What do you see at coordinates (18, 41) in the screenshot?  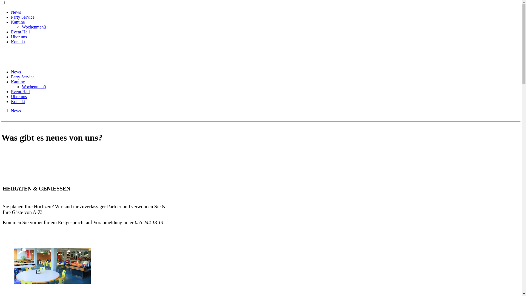 I see `'Kontakt'` at bounding box center [18, 41].